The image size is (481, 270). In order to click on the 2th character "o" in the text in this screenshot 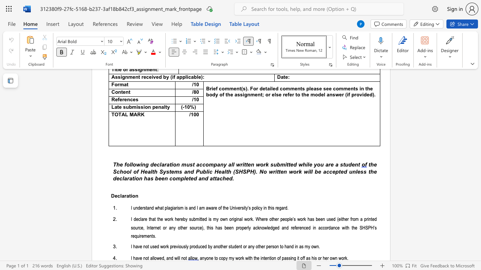, I will do `click(134, 164)`.